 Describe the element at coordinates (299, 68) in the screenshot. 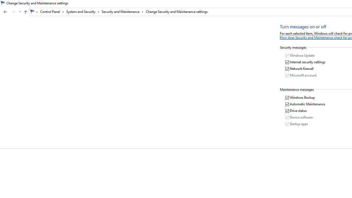

I see `'Network firewall'` at that location.